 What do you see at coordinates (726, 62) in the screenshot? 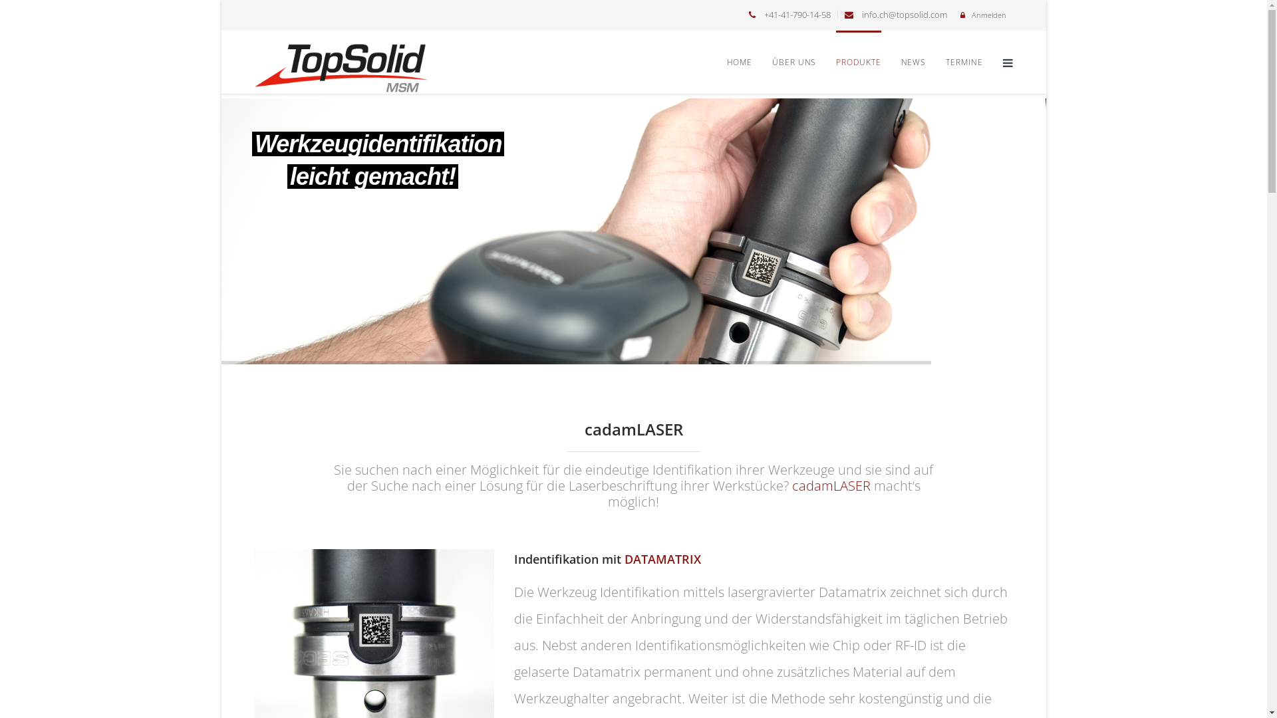
I see `'HOME'` at bounding box center [726, 62].